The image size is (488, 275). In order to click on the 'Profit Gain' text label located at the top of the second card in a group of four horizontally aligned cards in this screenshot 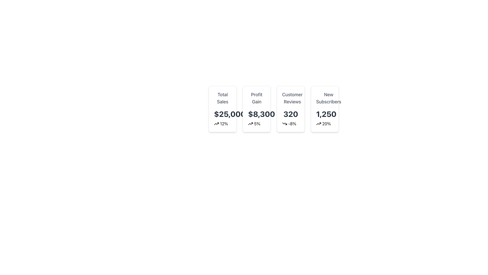, I will do `click(256, 98)`.